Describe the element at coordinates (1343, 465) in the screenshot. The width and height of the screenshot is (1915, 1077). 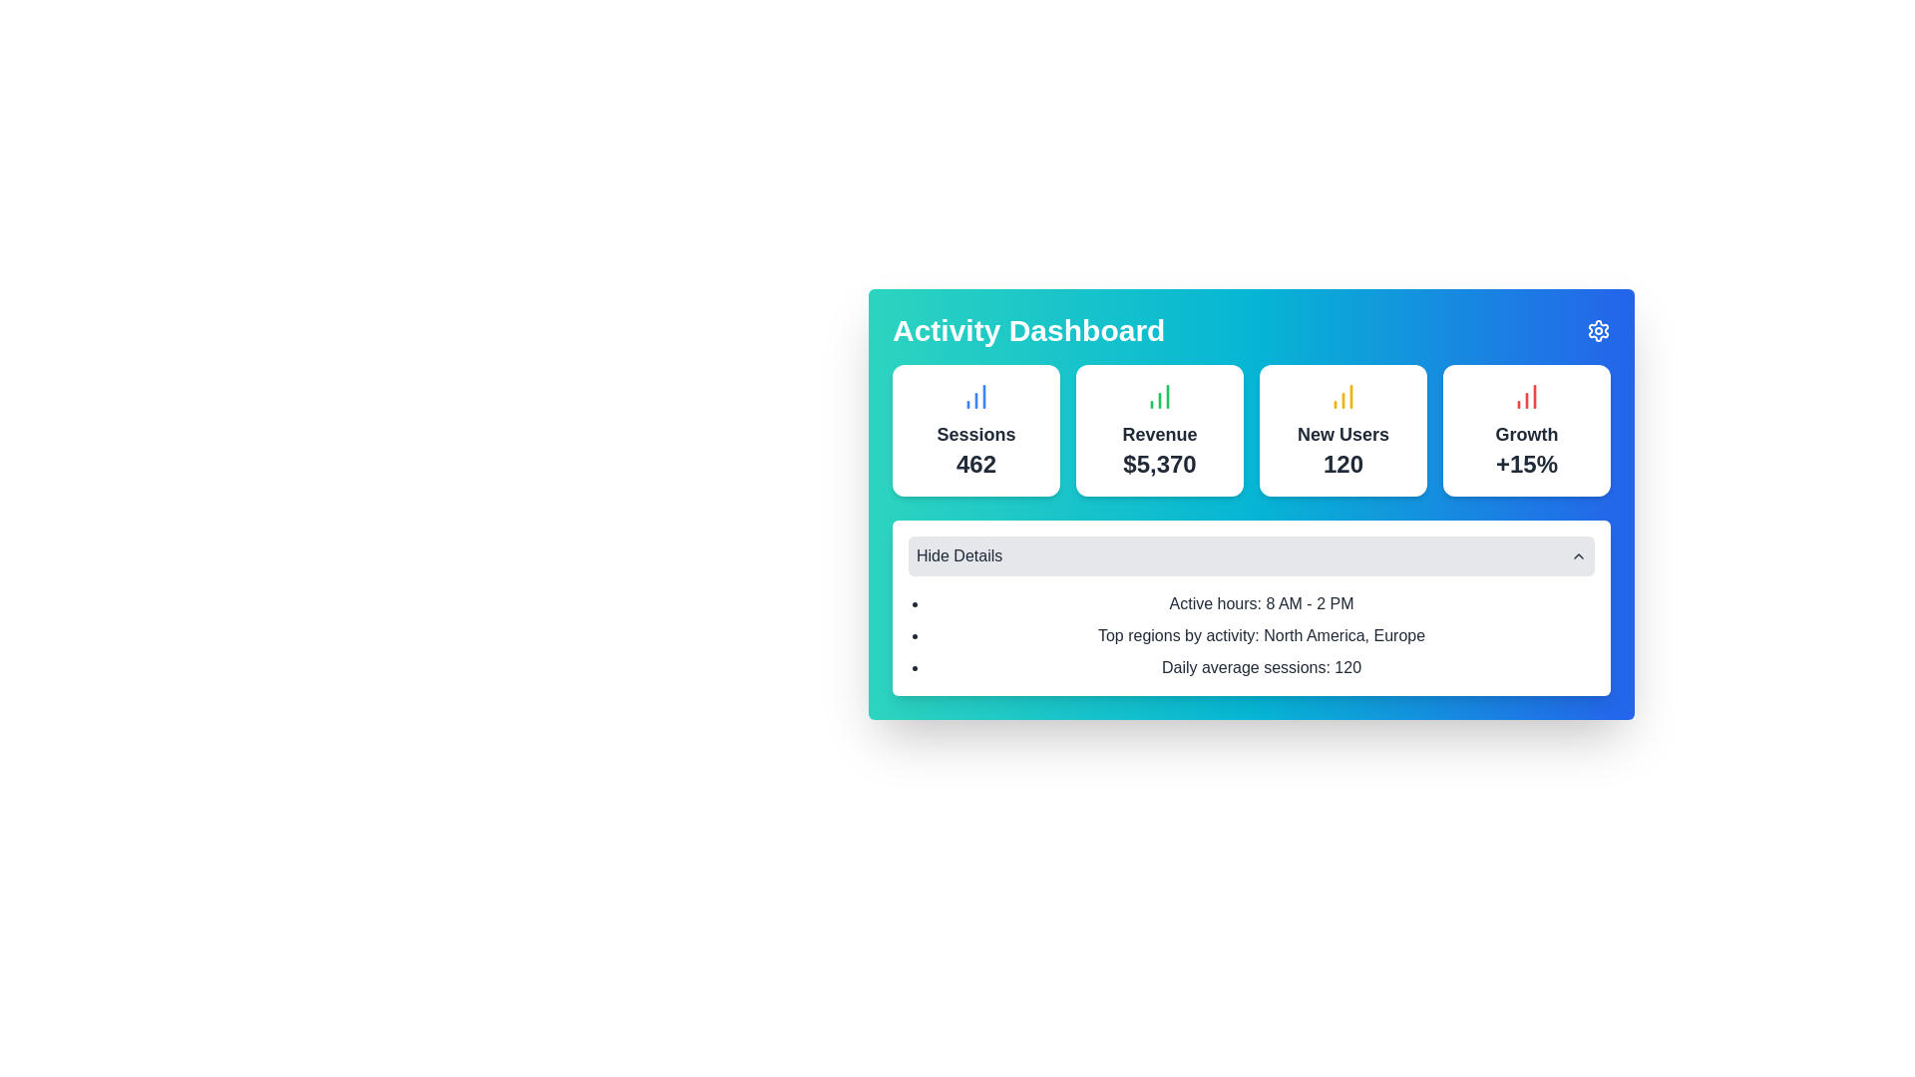
I see `the numeric label displaying the value '120' in bold and large font, located in the third widget box from the left in the top row of the dashboard, below the 'New Users' label` at that location.